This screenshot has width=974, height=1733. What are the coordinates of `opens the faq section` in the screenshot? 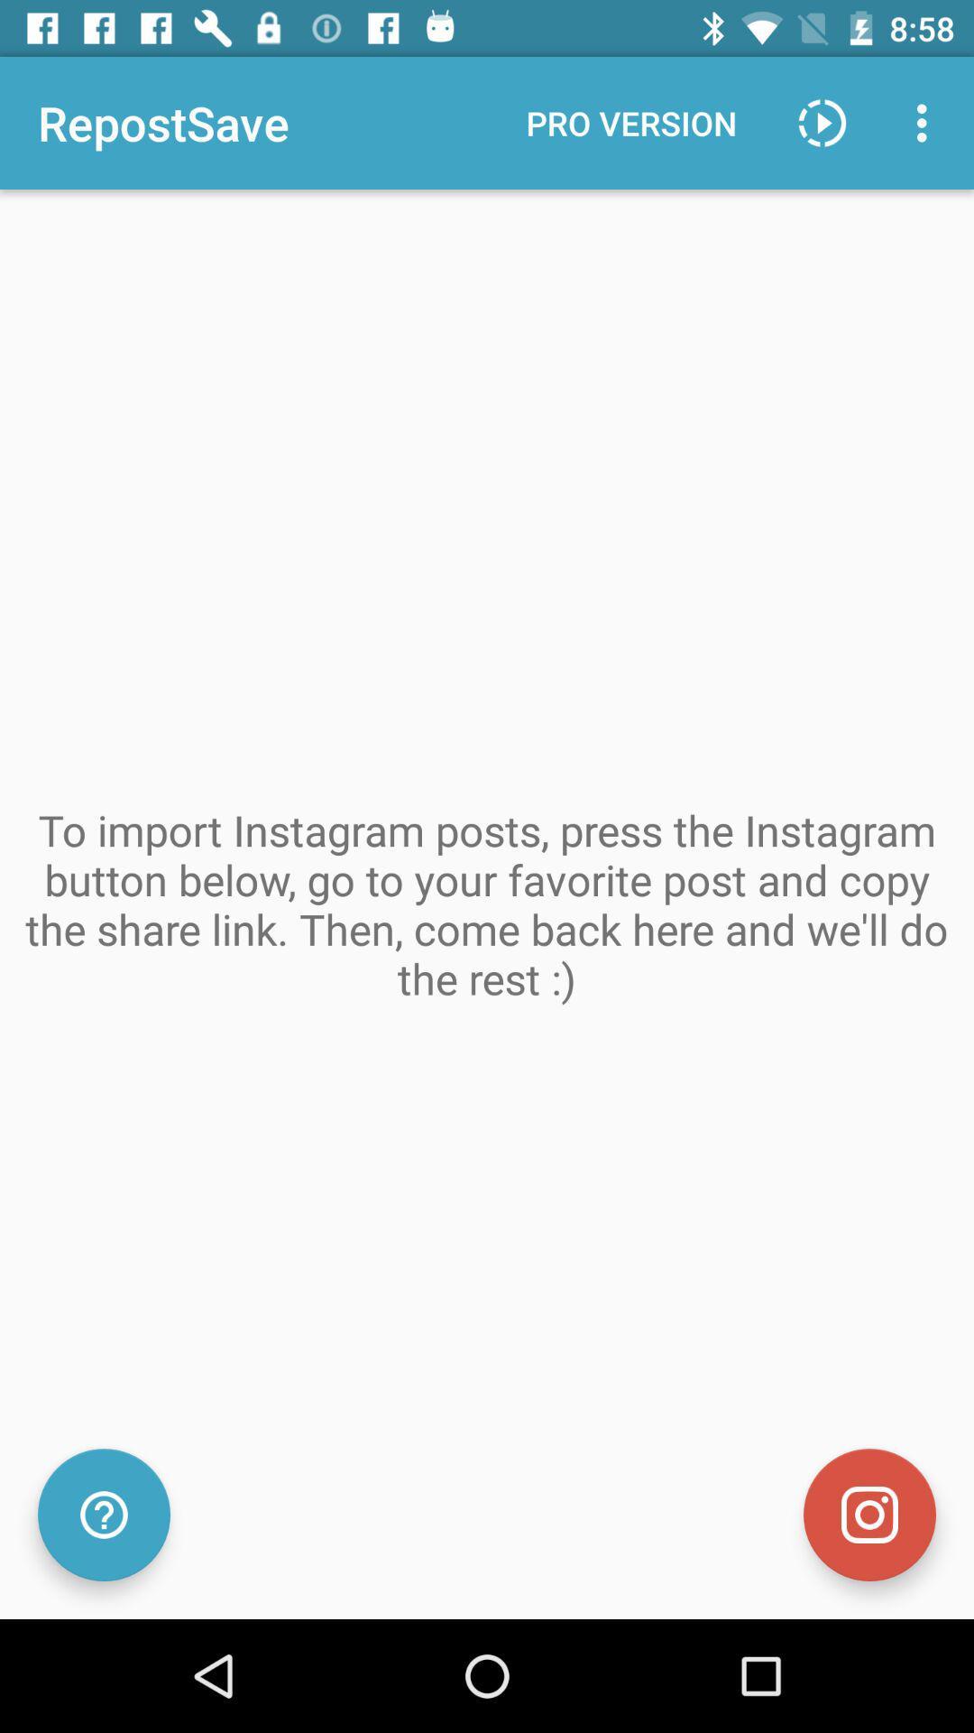 It's located at (104, 1515).